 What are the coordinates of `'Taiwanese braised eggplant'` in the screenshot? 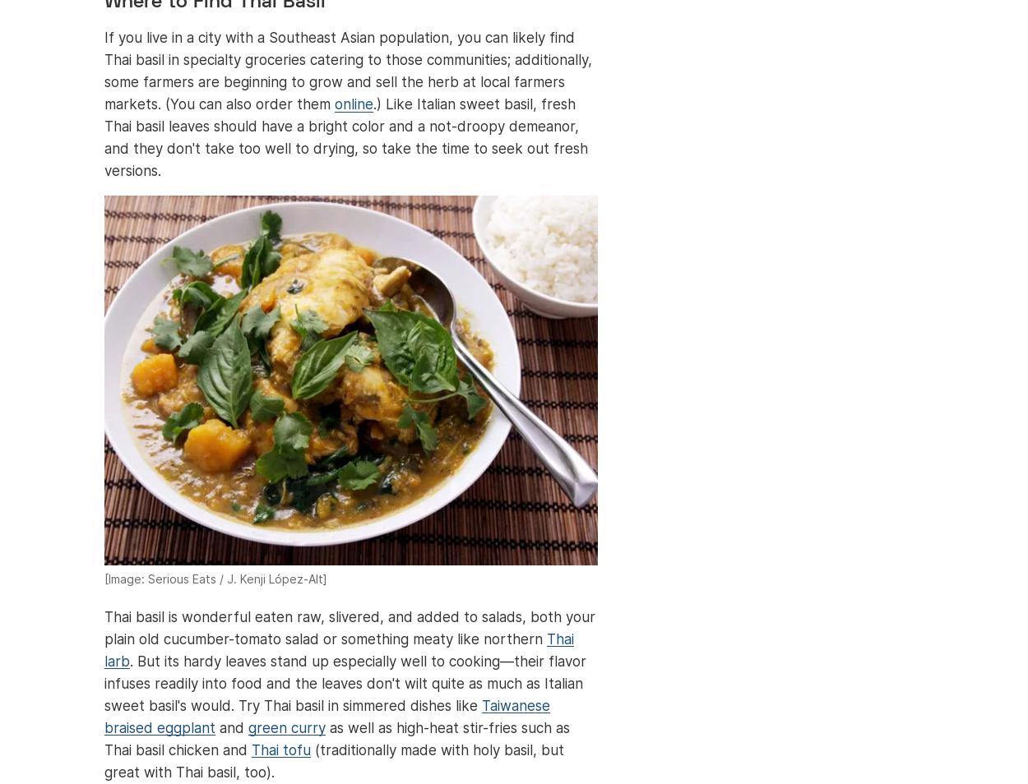 It's located at (104, 717).